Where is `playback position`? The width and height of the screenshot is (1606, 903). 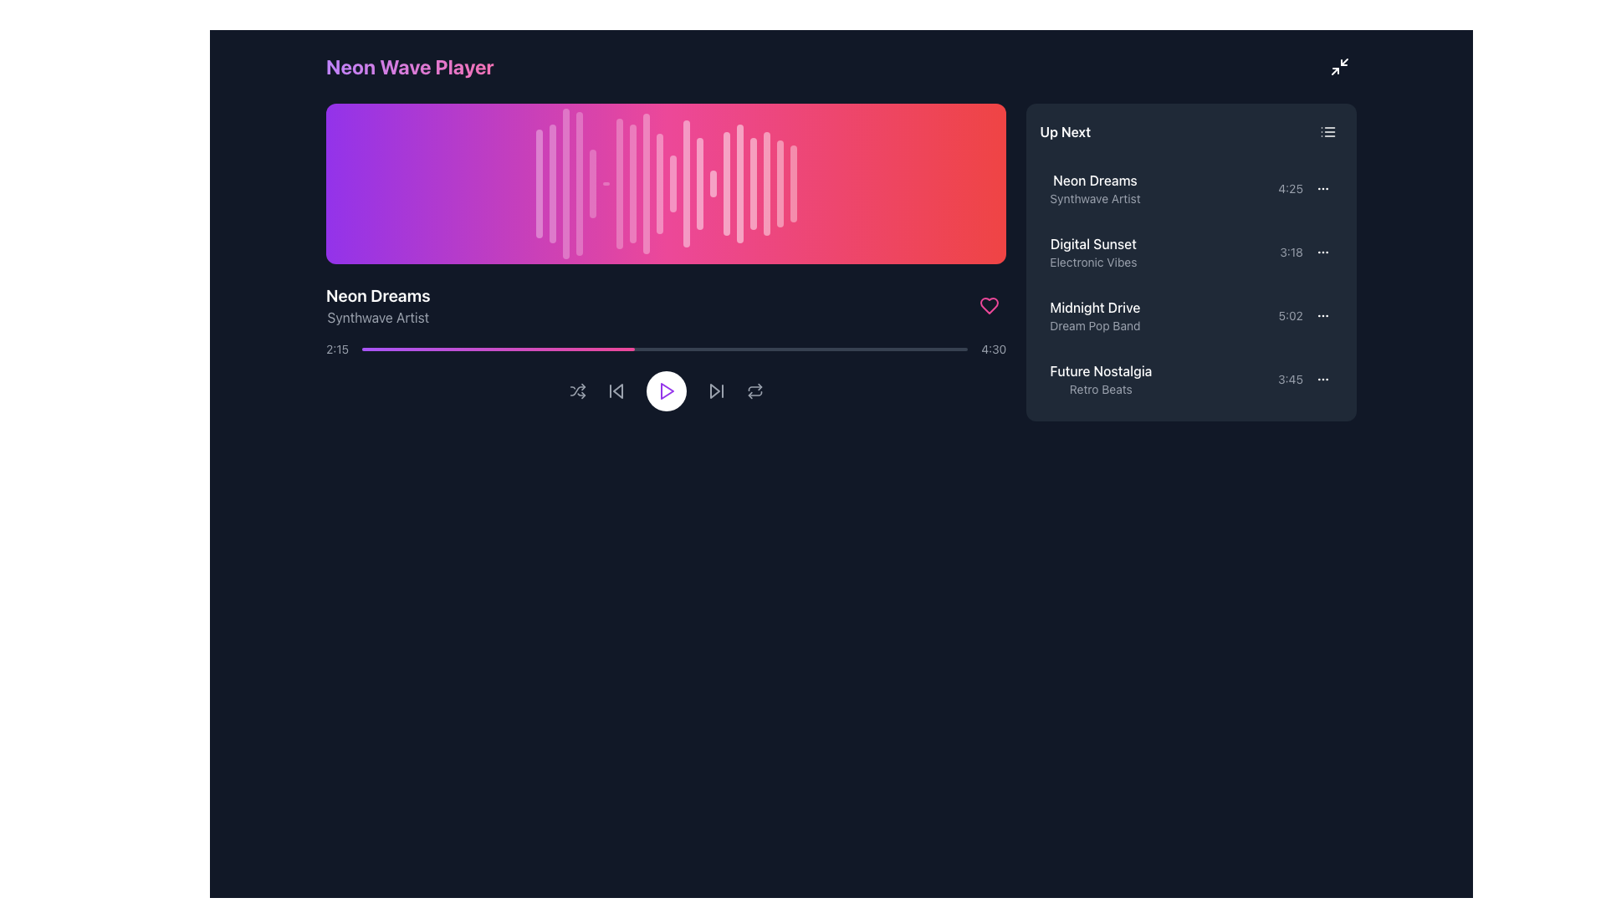
playback position is located at coordinates (646, 348).